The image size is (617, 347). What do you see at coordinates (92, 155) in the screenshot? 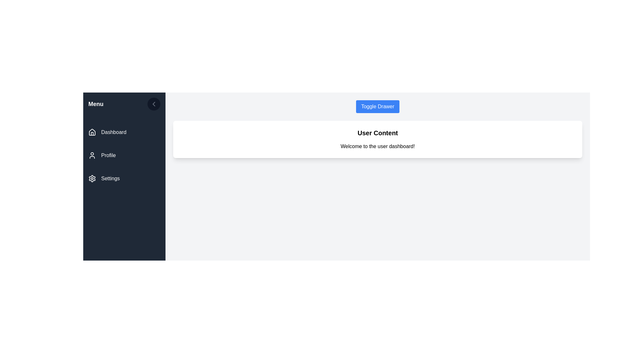
I see `the 'Profile' menu item icon located in the left navigation bar, positioned to the left of the text label 'Profile'` at bounding box center [92, 155].